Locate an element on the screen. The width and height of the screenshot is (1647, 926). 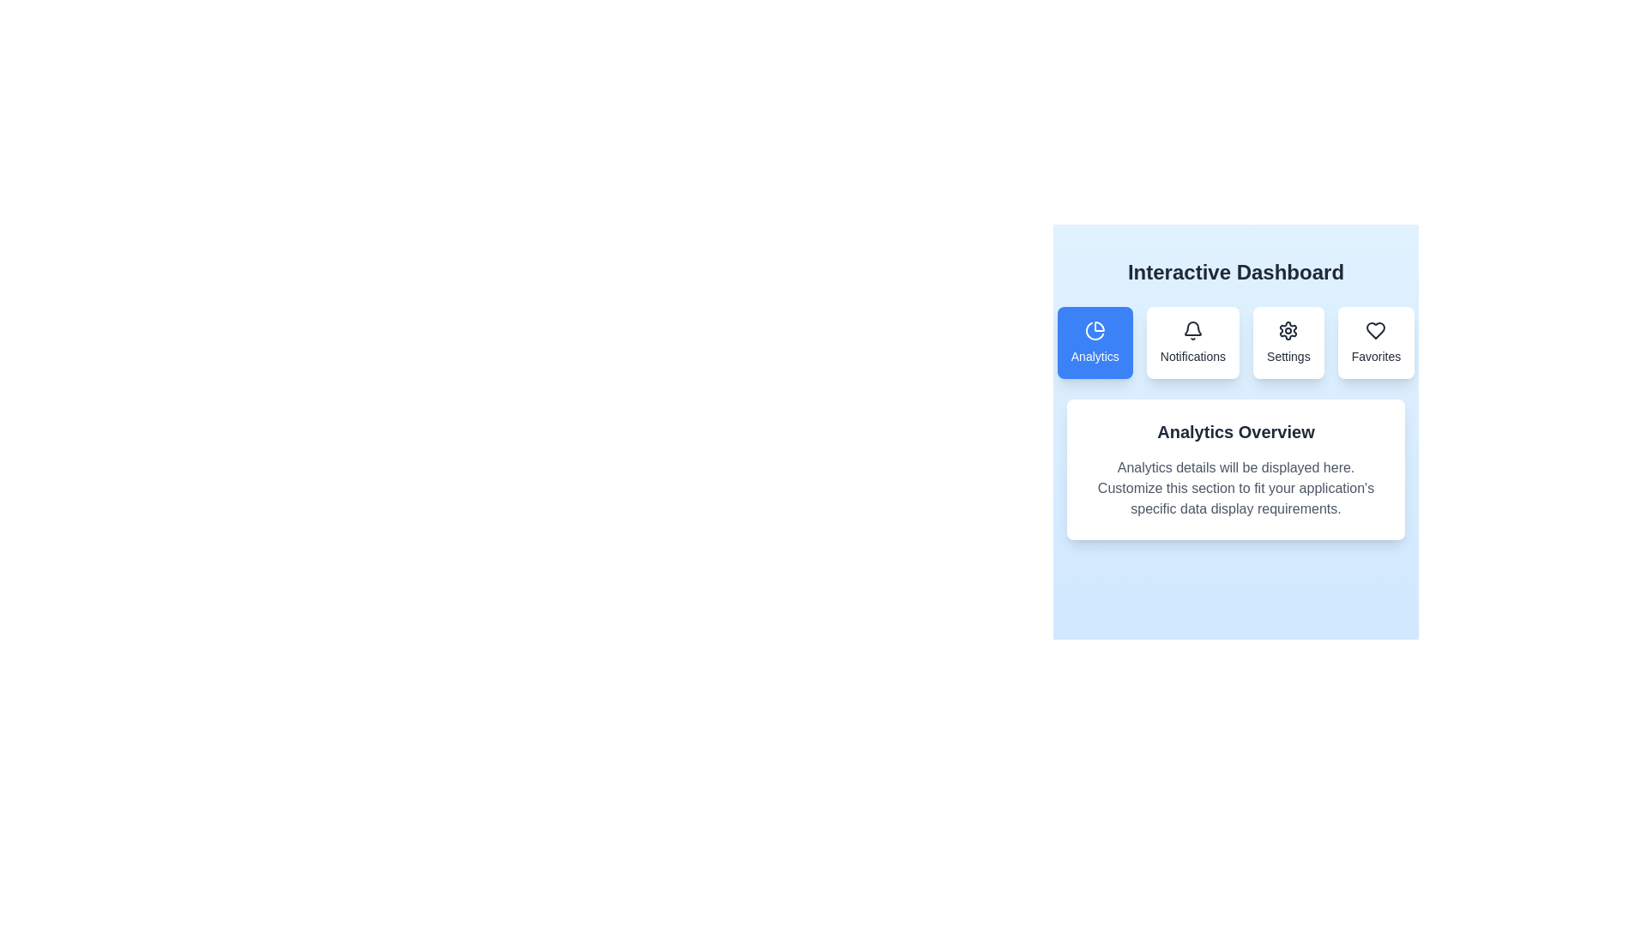
the topmost icon representing the analytics feature, which is located within a blue rounded rectangle is located at coordinates (1094, 330).